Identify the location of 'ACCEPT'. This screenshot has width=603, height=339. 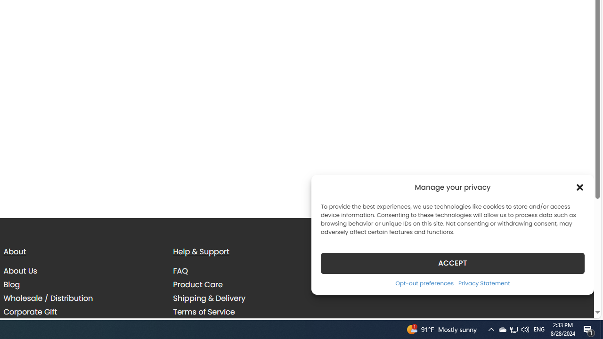
(453, 263).